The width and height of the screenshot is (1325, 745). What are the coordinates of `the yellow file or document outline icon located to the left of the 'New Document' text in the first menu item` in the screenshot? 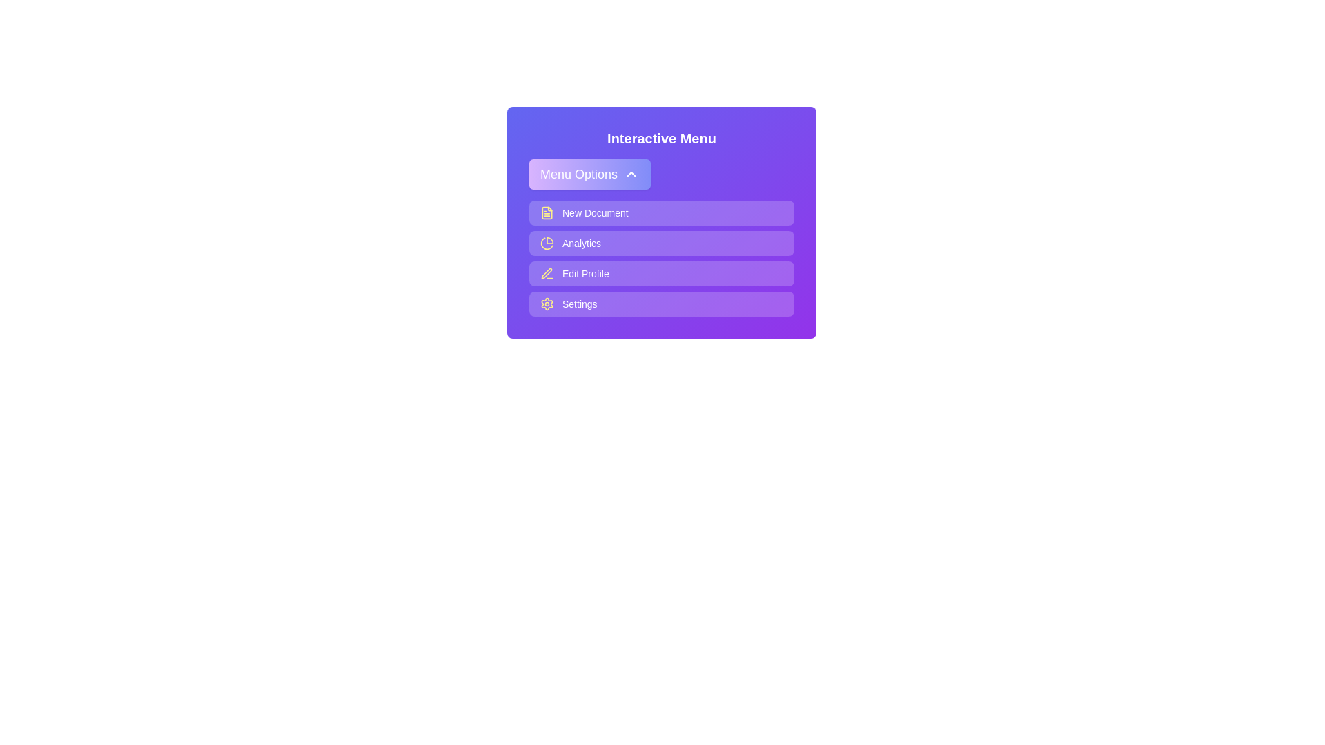 It's located at (546, 212).